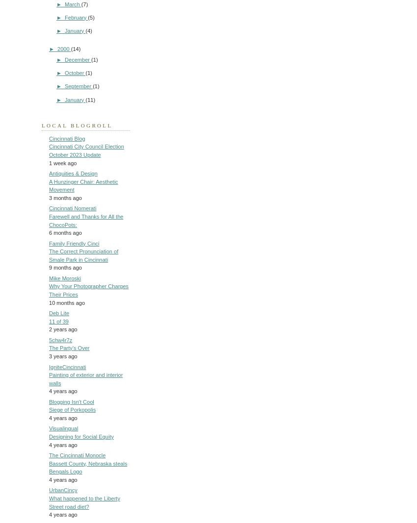  Describe the element at coordinates (85, 220) in the screenshot. I see `'Farewell and Thanks for All the ChocoPots:'` at that location.